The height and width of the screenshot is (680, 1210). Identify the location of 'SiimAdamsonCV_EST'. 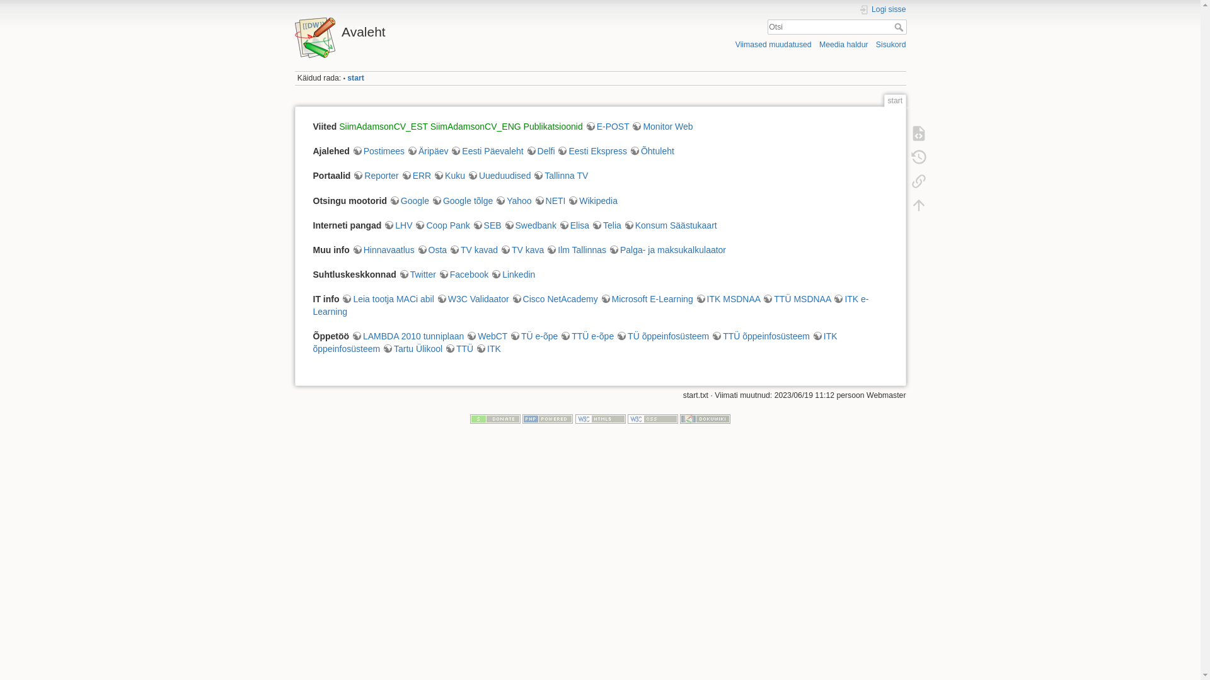
(383, 126).